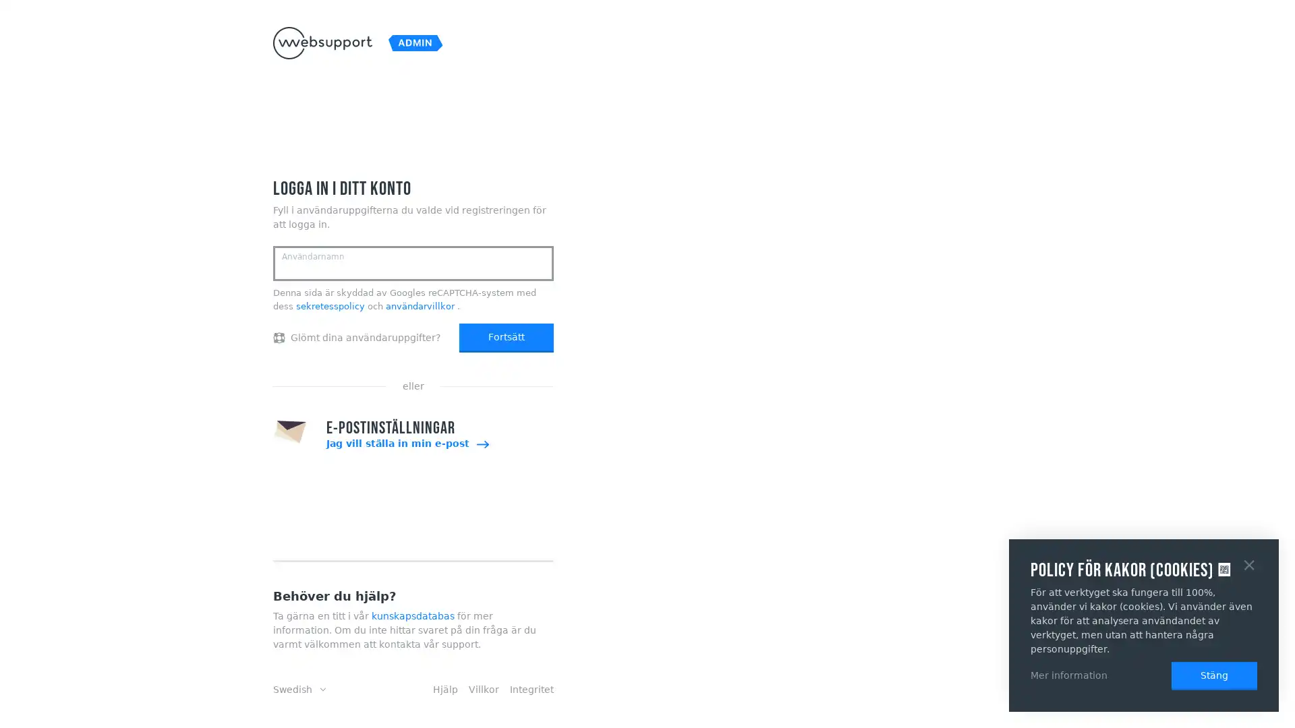 The image size is (1295, 728). What do you see at coordinates (1248, 564) in the screenshot?
I see `Stang` at bounding box center [1248, 564].